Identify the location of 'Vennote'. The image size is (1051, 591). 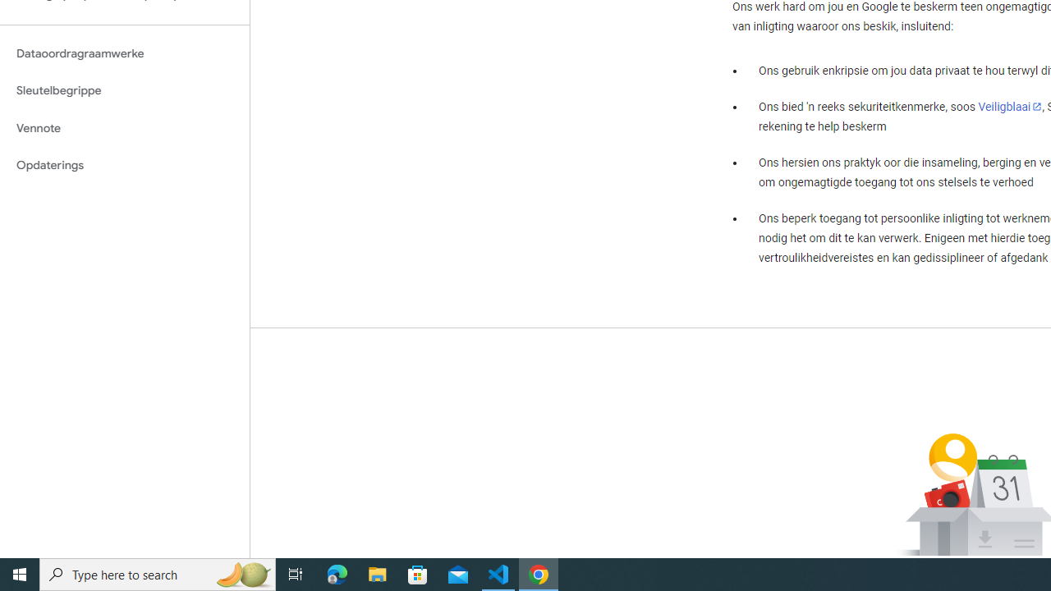
(124, 127).